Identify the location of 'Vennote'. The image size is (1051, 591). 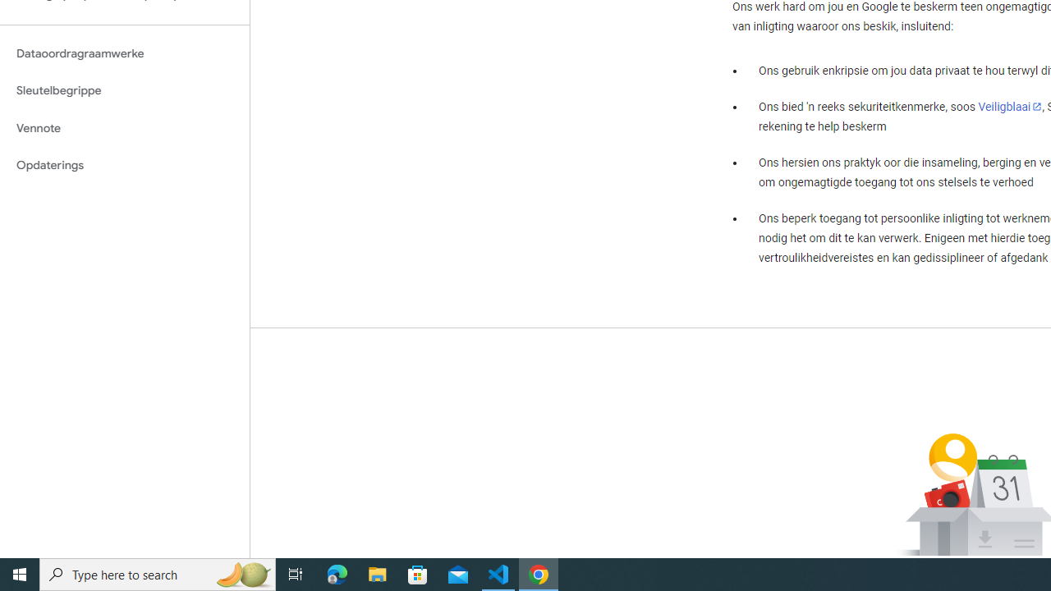
(124, 127).